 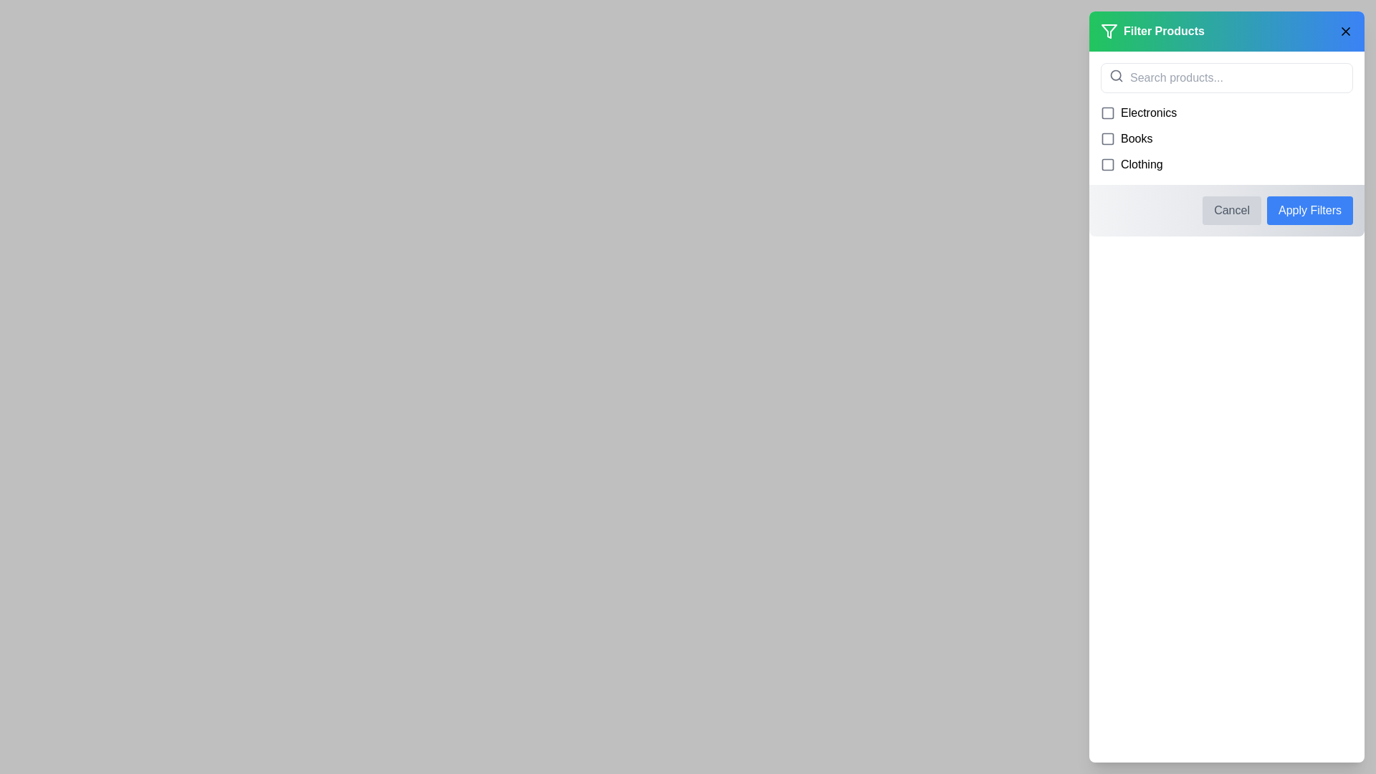 I want to click on the 'Books' filter checkbox located, so click(x=1226, y=138).